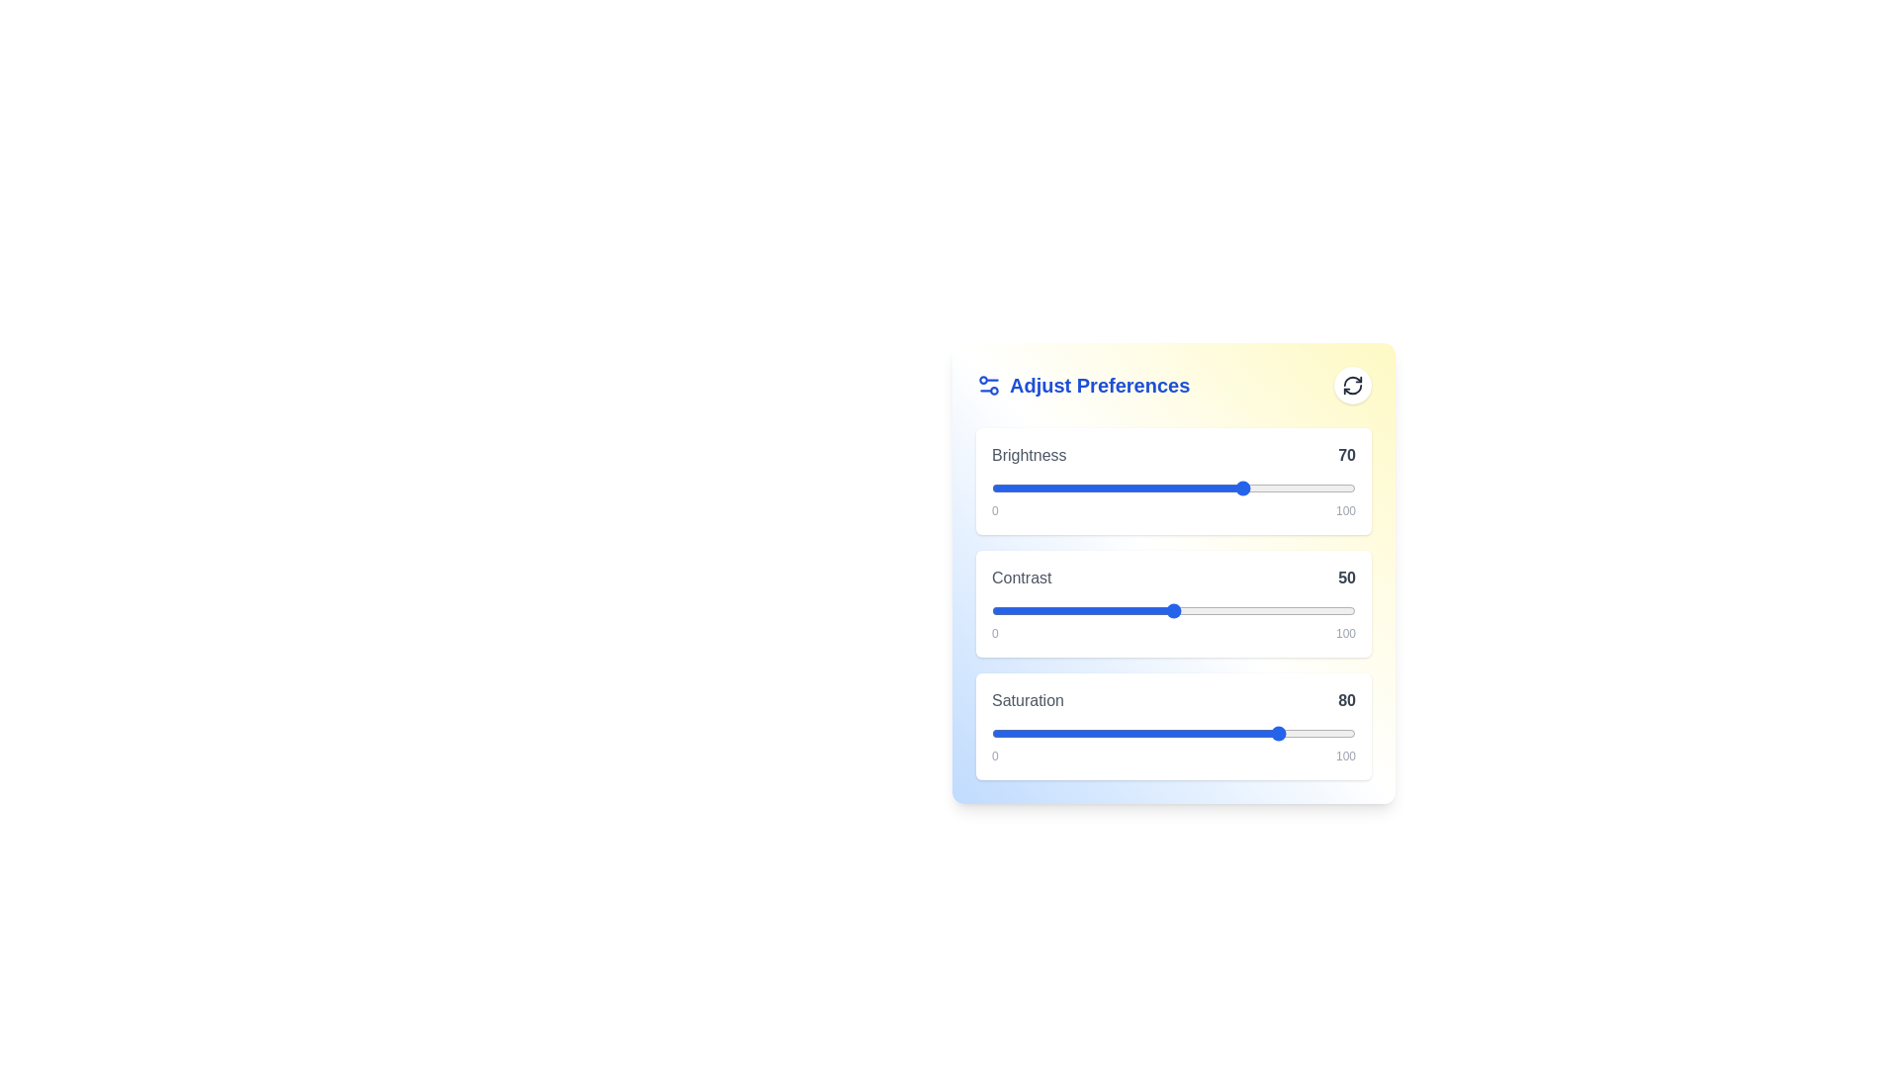 The width and height of the screenshot is (1899, 1068). What do you see at coordinates (1173, 733) in the screenshot?
I see `saturation level` at bounding box center [1173, 733].